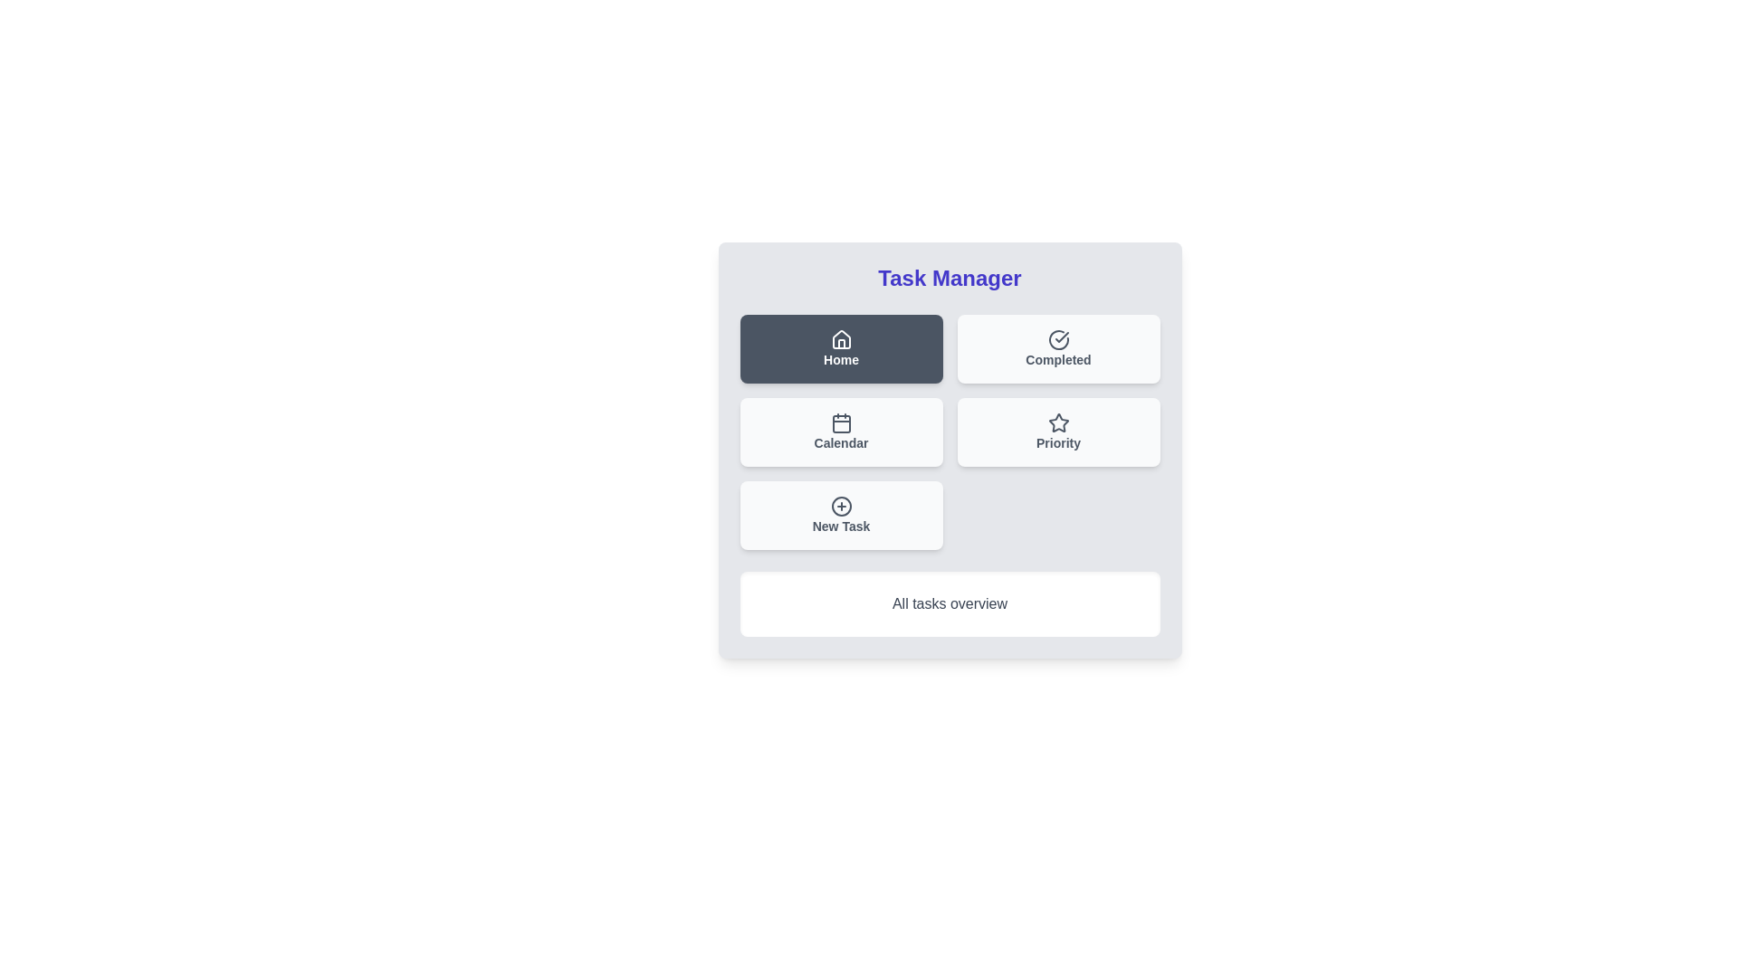 The width and height of the screenshot is (1738, 977). What do you see at coordinates (840, 442) in the screenshot?
I see `text of the label displaying 'Calendar', which is part of a button-like section with a calendar icon above it, located in the second row of the left column of the 'Task Manager' grid layout` at bounding box center [840, 442].